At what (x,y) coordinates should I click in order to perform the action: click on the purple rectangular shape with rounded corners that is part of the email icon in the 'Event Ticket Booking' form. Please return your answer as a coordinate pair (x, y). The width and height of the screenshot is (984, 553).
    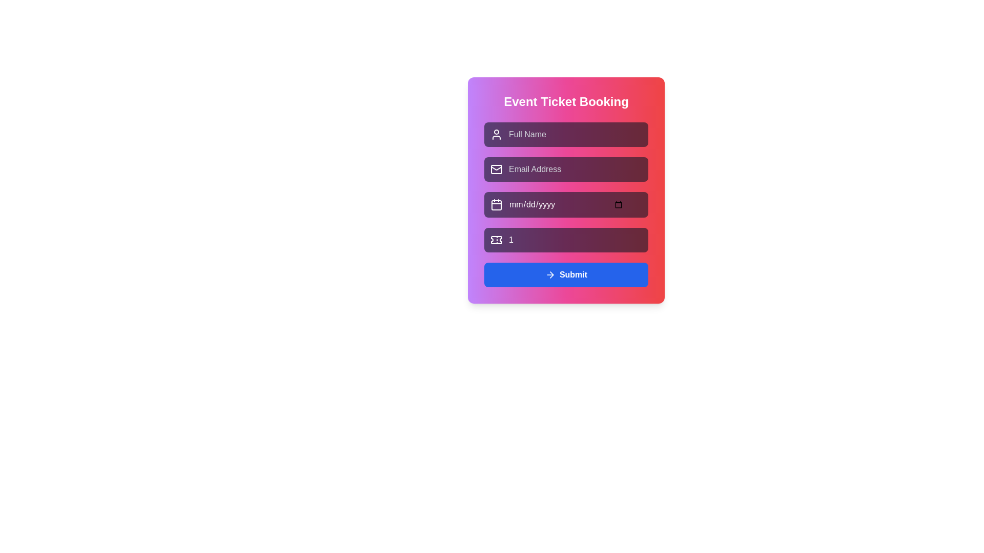
    Looking at the image, I should click on (497, 169).